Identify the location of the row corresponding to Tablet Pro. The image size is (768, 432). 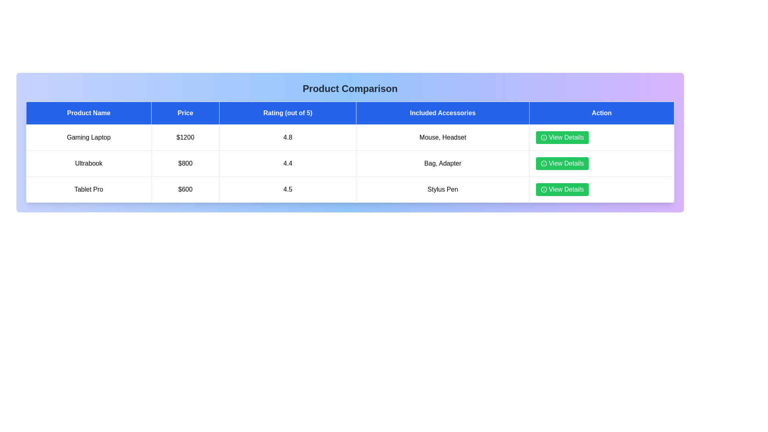
(350, 190).